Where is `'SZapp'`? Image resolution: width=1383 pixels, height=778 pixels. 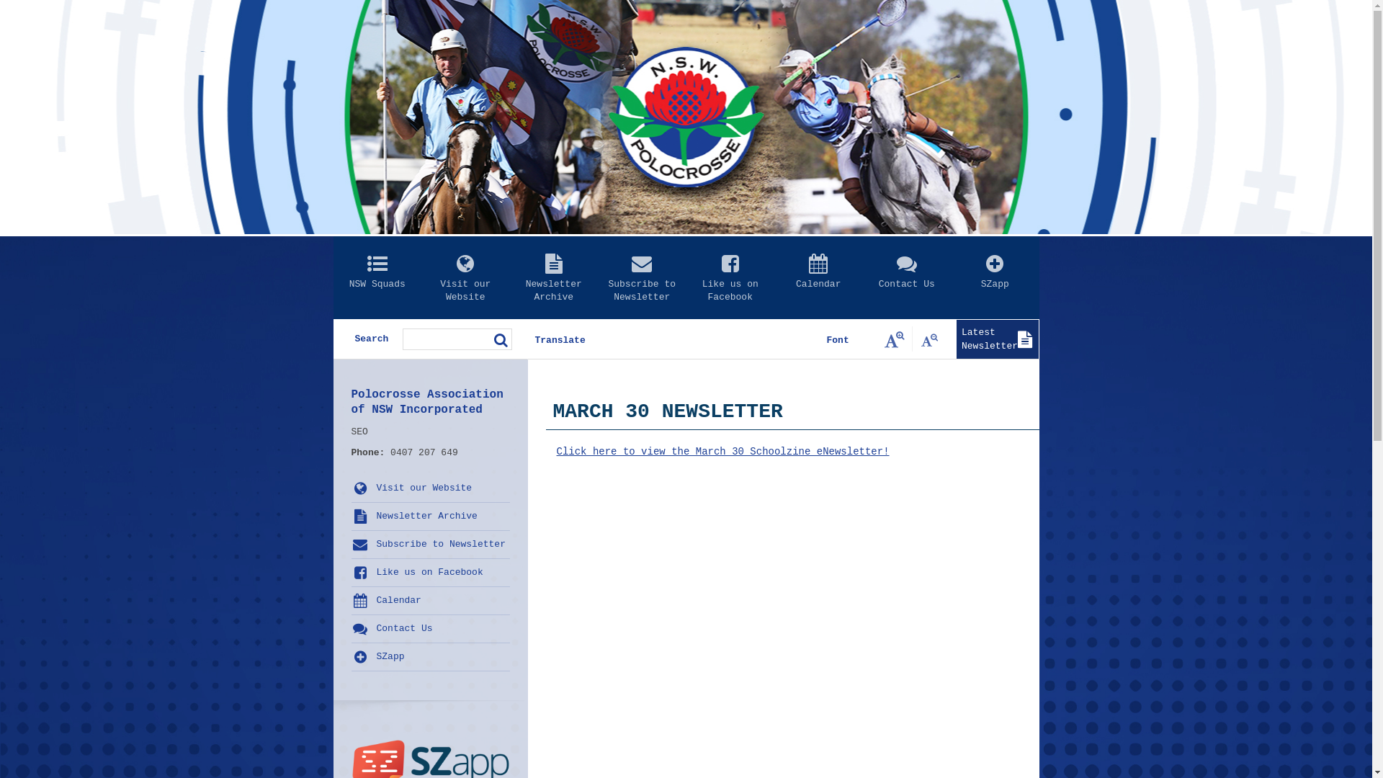
'SZapp' is located at coordinates (430, 656).